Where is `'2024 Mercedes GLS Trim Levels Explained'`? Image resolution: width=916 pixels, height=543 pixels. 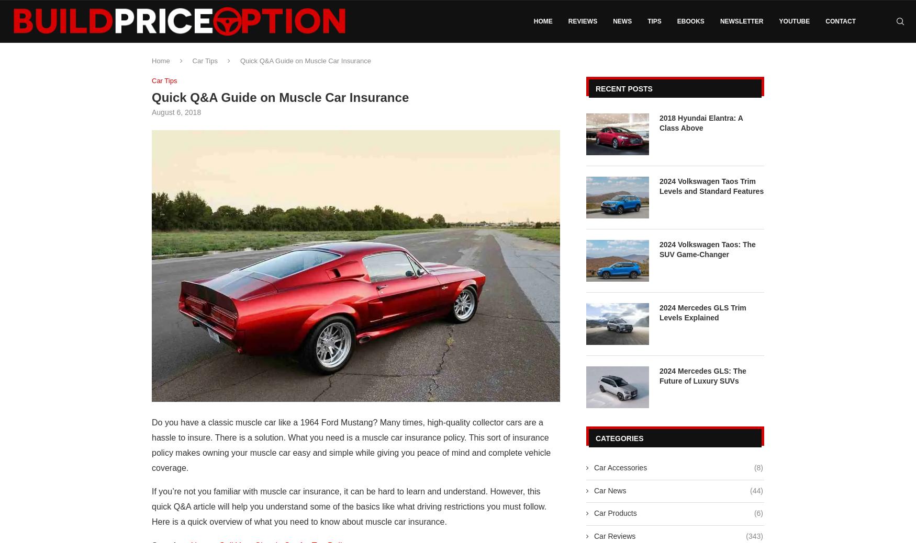 '2024 Mercedes GLS Trim Levels Explained' is located at coordinates (702, 313).